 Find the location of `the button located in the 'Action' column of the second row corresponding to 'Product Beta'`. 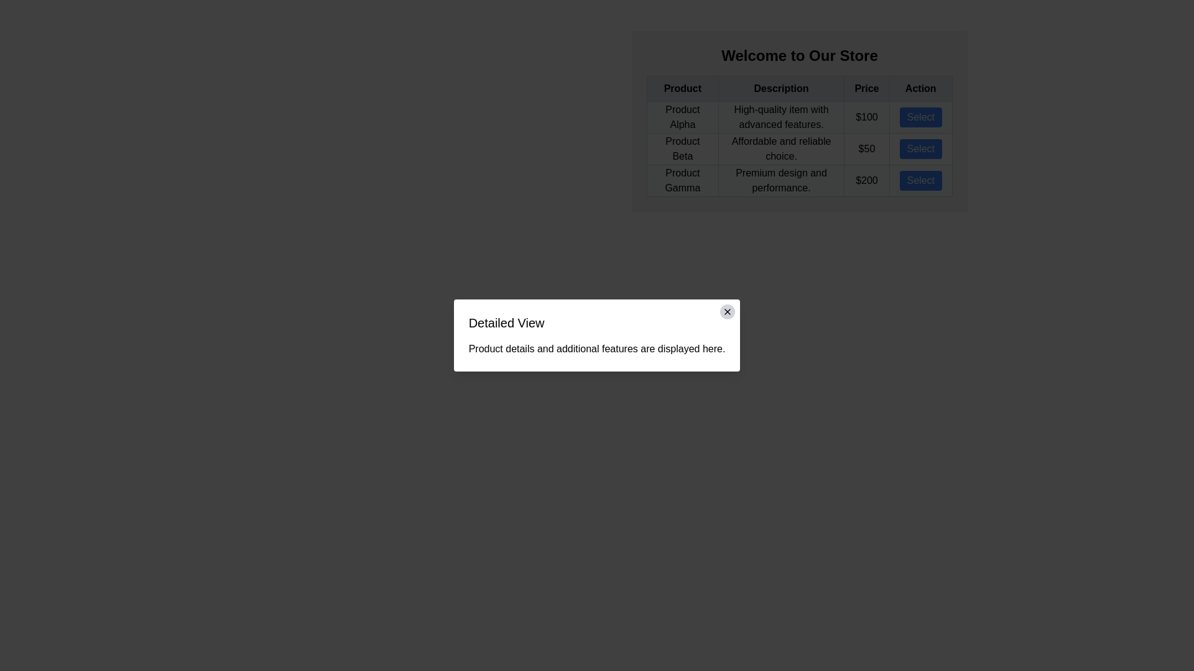

the button located in the 'Action' column of the second row corresponding to 'Product Beta' is located at coordinates (920, 148).